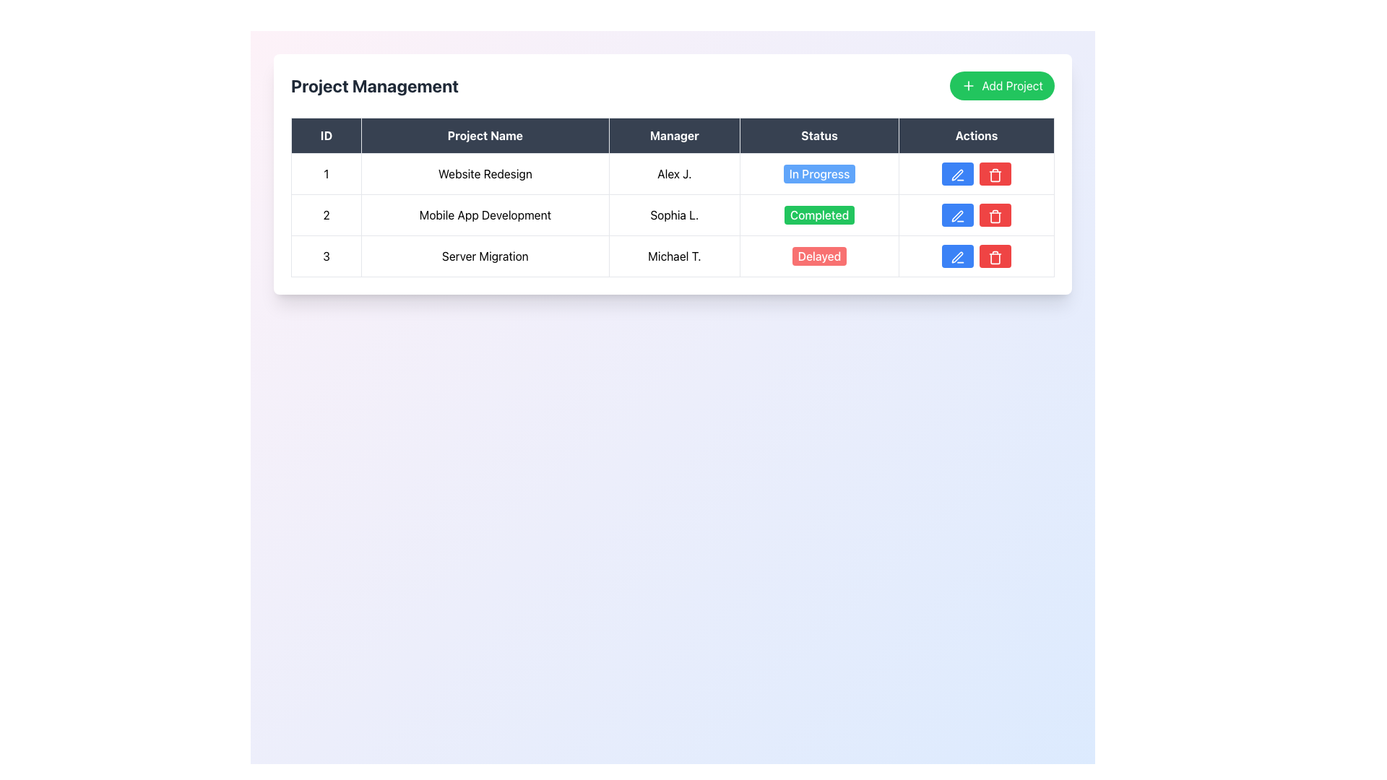 This screenshot has height=780, width=1387. I want to click on the 'Completed' button in the 'Status' column of the project management interface, which is the second button in the row for the project 'Mobile App Development', so click(818, 214).